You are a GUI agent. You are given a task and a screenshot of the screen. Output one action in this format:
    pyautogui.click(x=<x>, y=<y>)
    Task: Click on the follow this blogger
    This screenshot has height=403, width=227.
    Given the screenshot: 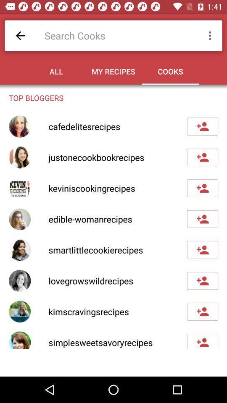 What is the action you would take?
    pyautogui.click(x=202, y=311)
    